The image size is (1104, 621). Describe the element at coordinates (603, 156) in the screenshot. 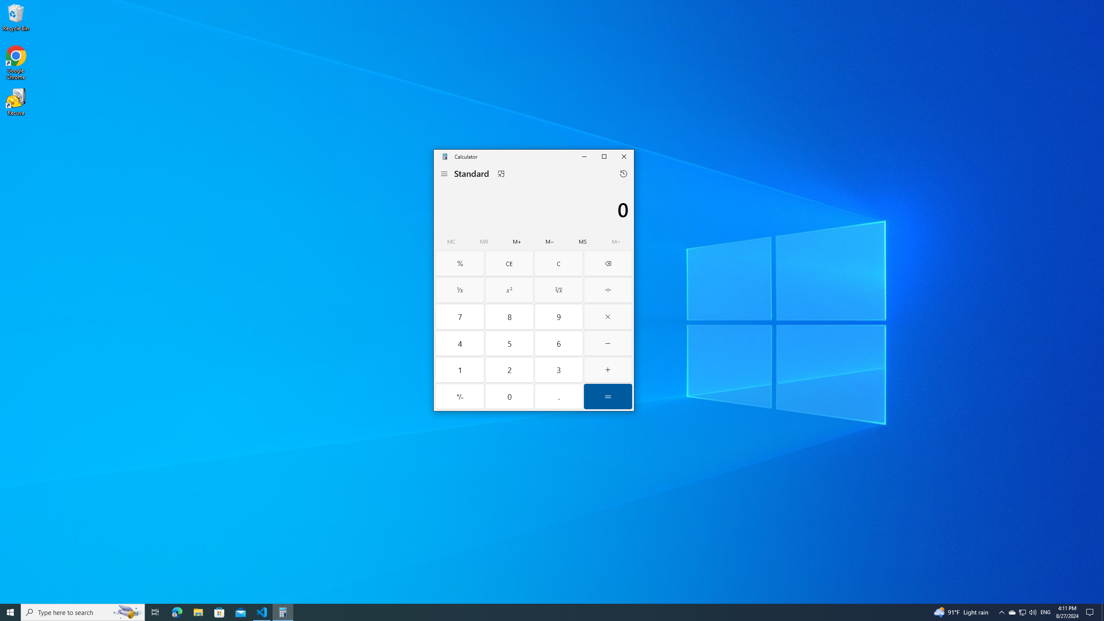

I see `'Maximize Calculator'` at that location.